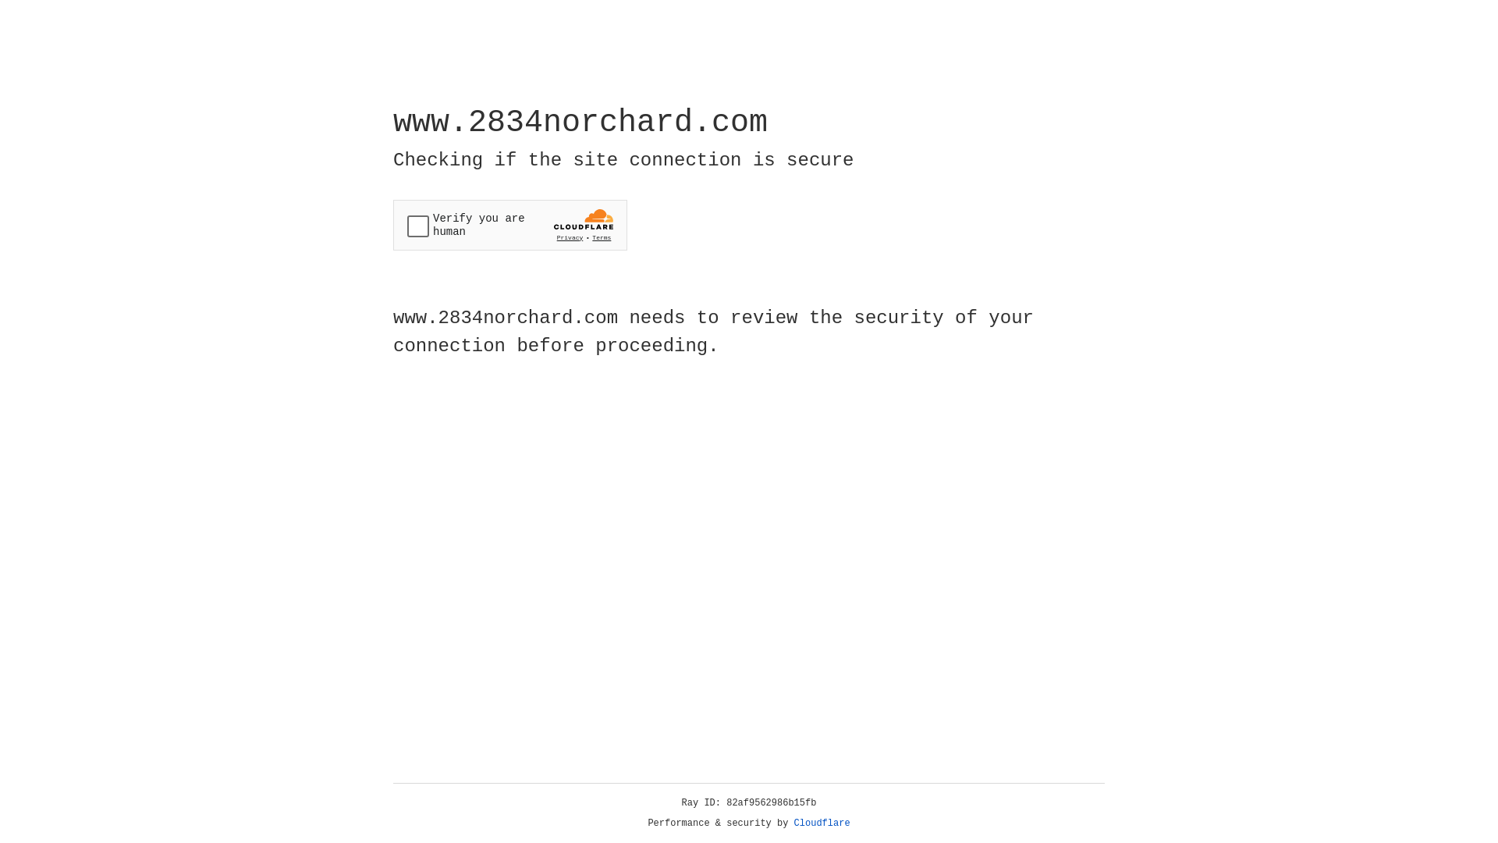 This screenshot has height=843, width=1498. I want to click on 'Widget containing a Cloudflare security challenge', so click(509, 225).